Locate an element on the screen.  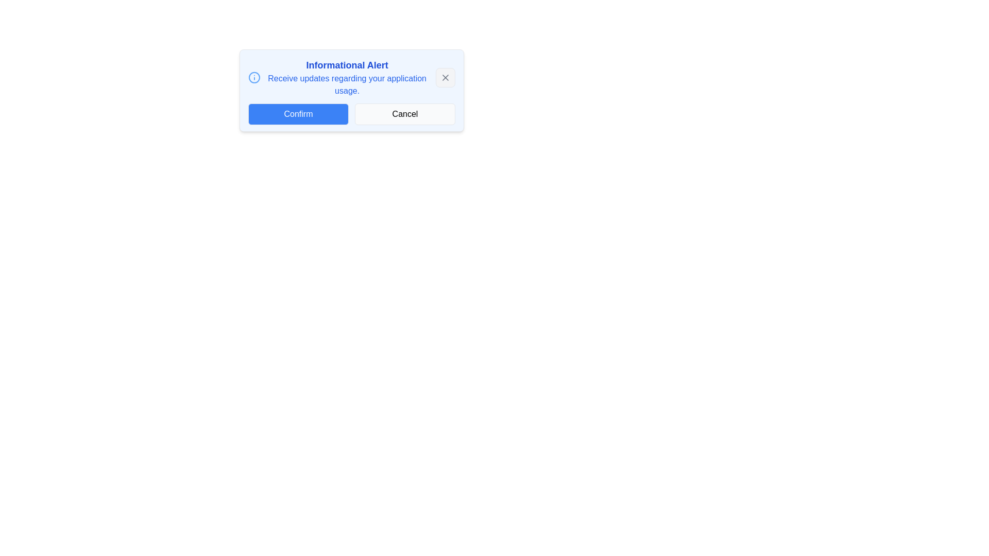
the text label stating 'Receive updates regarding your application usage.' which is located below the title 'Informational Alert' in the modal is located at coordinates (347, 84).